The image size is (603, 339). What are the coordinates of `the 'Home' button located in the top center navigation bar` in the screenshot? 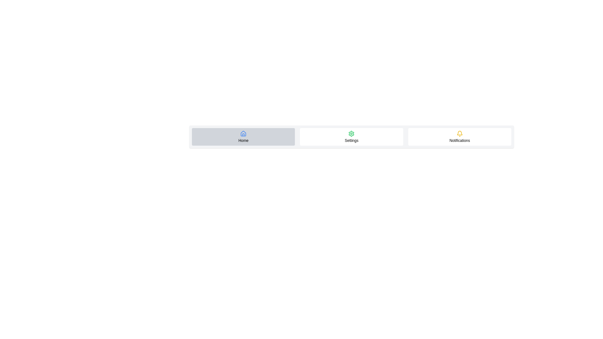 It's located at (243, 136).